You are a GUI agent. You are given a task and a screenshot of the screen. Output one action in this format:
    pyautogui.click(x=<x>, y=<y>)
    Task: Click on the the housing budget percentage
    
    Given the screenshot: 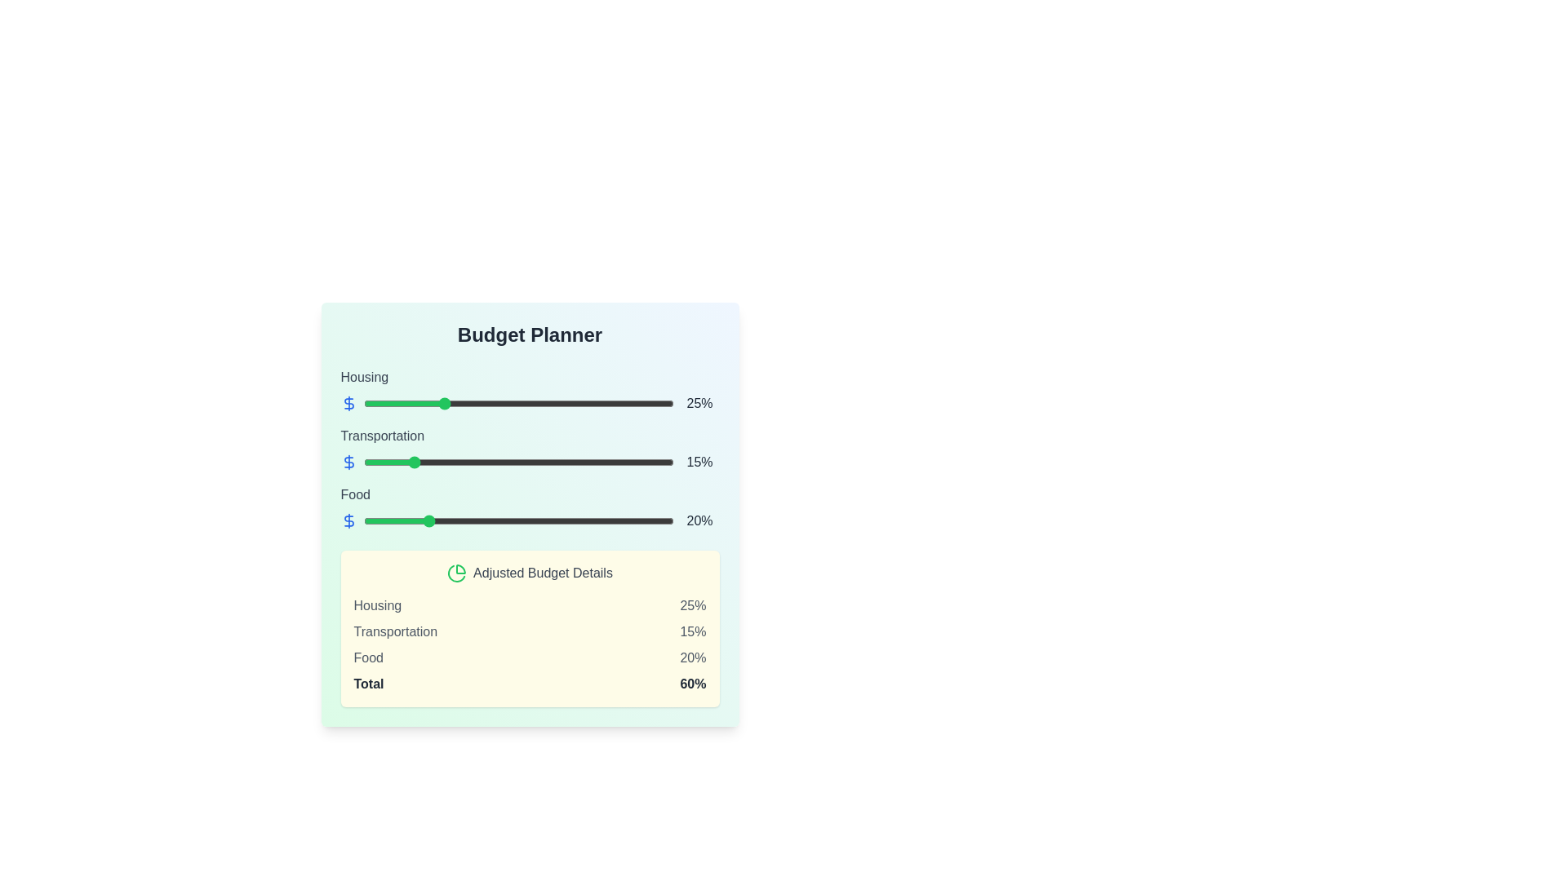 What is the action you would take?
    pyautogui.click(x=601, y=403)
    